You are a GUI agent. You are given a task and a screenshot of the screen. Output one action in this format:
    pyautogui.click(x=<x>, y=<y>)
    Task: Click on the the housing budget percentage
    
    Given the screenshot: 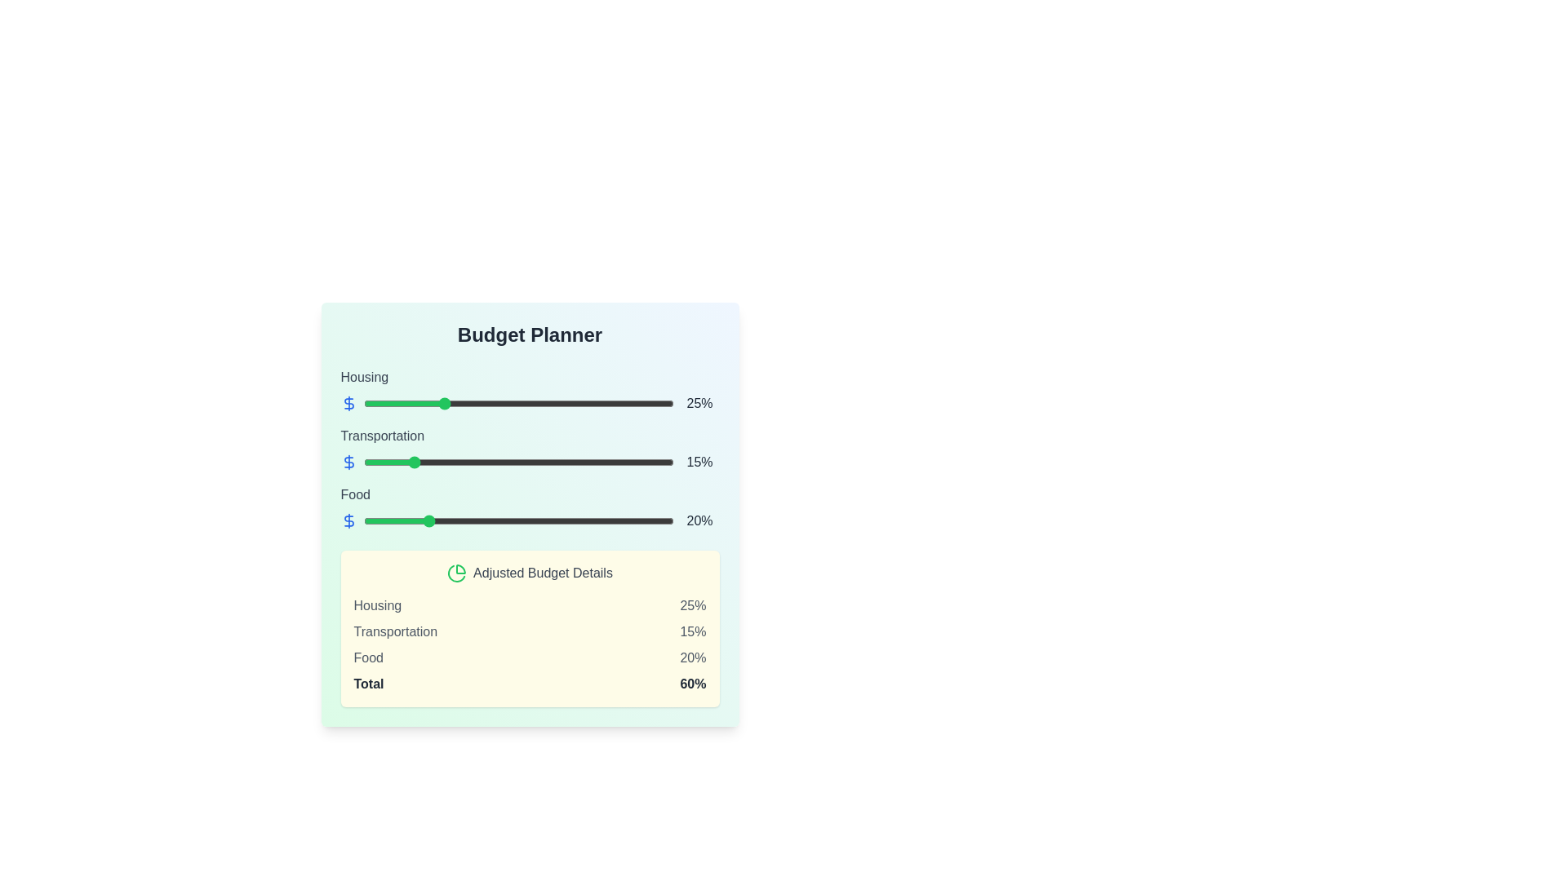 What is the action you would take?
    pyautogui.click(x=601, y=403)
    